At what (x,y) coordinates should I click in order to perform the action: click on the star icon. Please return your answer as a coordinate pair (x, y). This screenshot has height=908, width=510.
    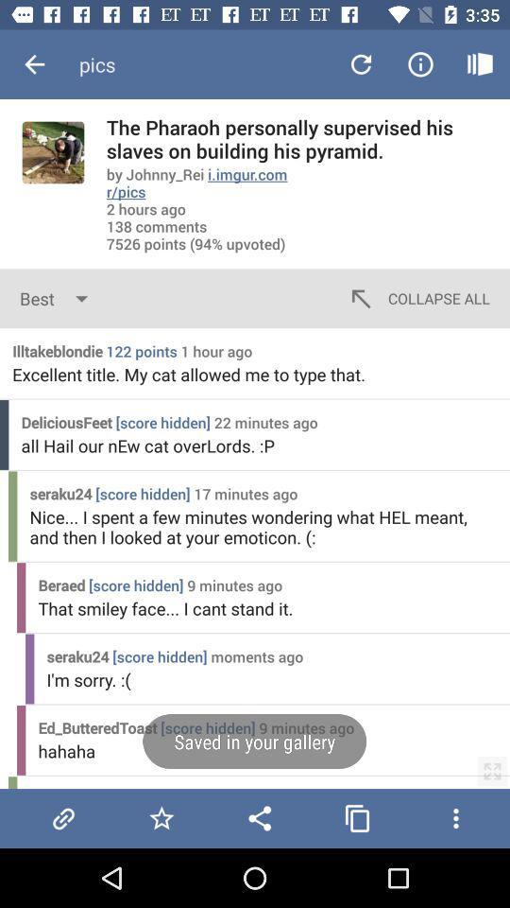
    Looking at the image, I should click on (161, 817).